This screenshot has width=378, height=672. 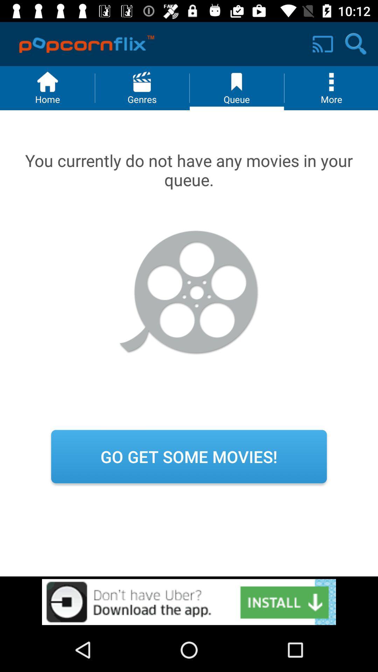 I want to click on advertisement, so click(x=189, y=602).